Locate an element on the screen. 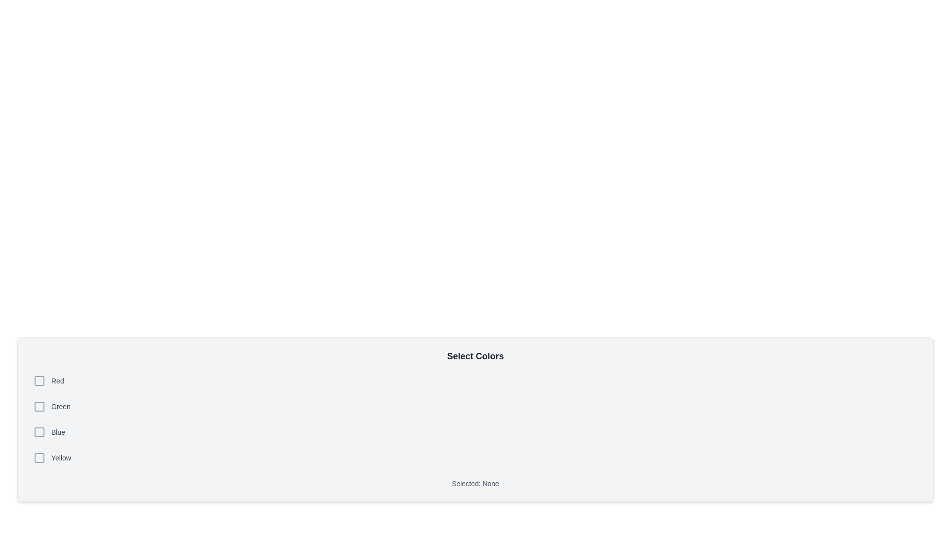 The height and width of the screenshot is (533, 948). the checkbox for the color option 'Red' is located at coordinates (39, 380).